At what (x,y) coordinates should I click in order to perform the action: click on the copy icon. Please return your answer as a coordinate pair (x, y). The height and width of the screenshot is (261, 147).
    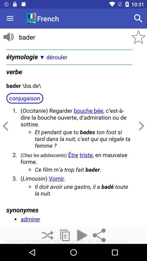
    Looking at the image, I should click on (65, 235).